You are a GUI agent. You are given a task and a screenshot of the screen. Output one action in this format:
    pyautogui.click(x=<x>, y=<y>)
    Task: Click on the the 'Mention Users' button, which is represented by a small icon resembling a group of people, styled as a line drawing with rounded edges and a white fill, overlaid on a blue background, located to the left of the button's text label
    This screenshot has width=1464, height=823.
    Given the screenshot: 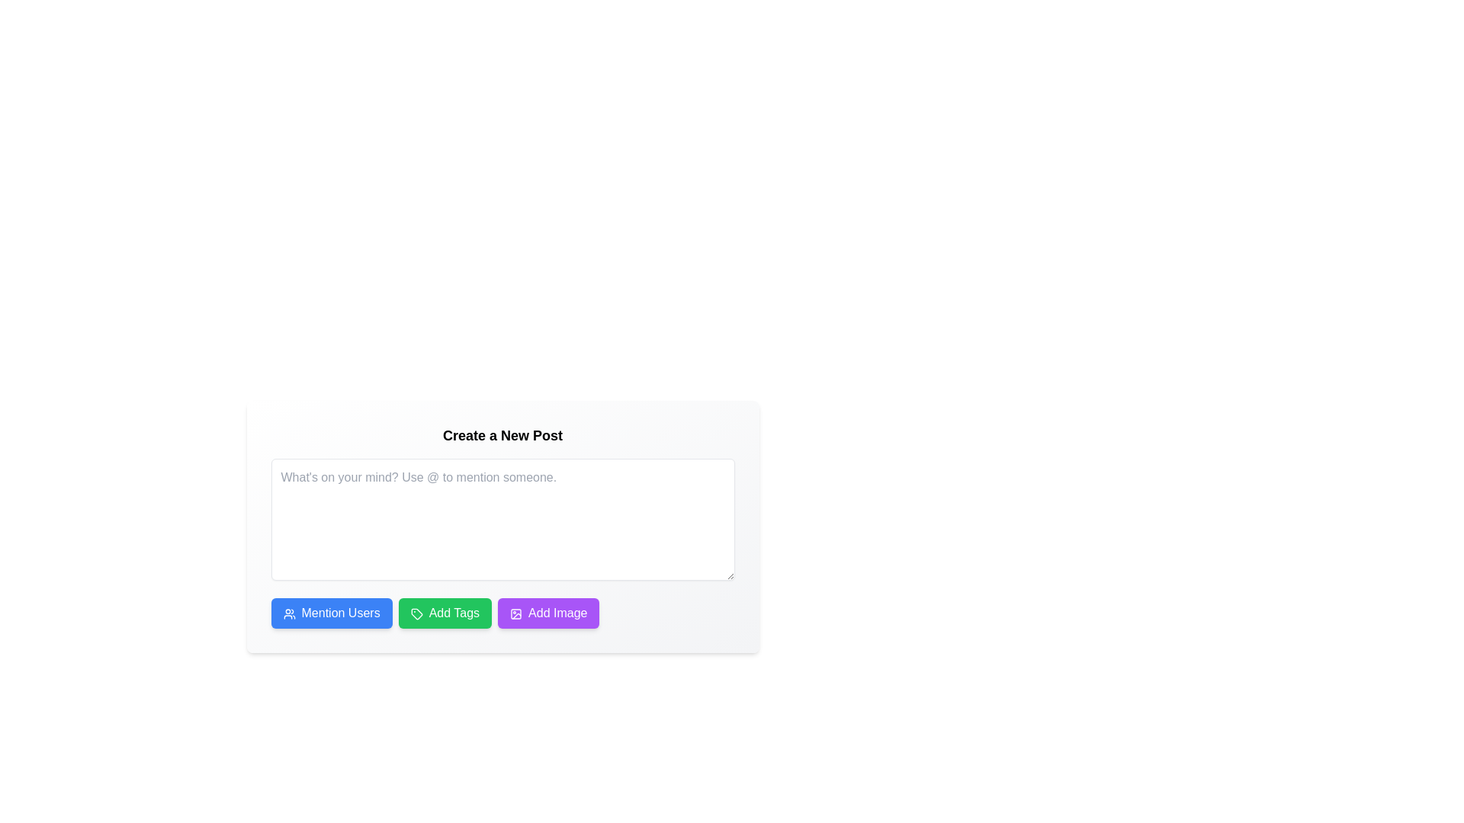 What is the action you would take?
    pyautogui.click(x=289, y=613)
    